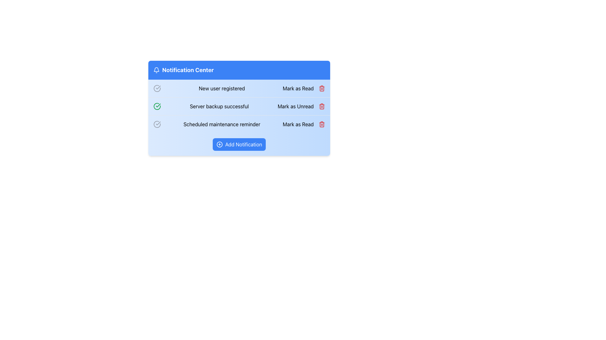 This screenshot has height=340, width=606. Describe the element at coordinates (158, 105) in the screenshot. I see `the circular icon that indicates success for the 'Server backup successful' notification, located to the left of the text and positioned in the second notification item of the list` at that location.